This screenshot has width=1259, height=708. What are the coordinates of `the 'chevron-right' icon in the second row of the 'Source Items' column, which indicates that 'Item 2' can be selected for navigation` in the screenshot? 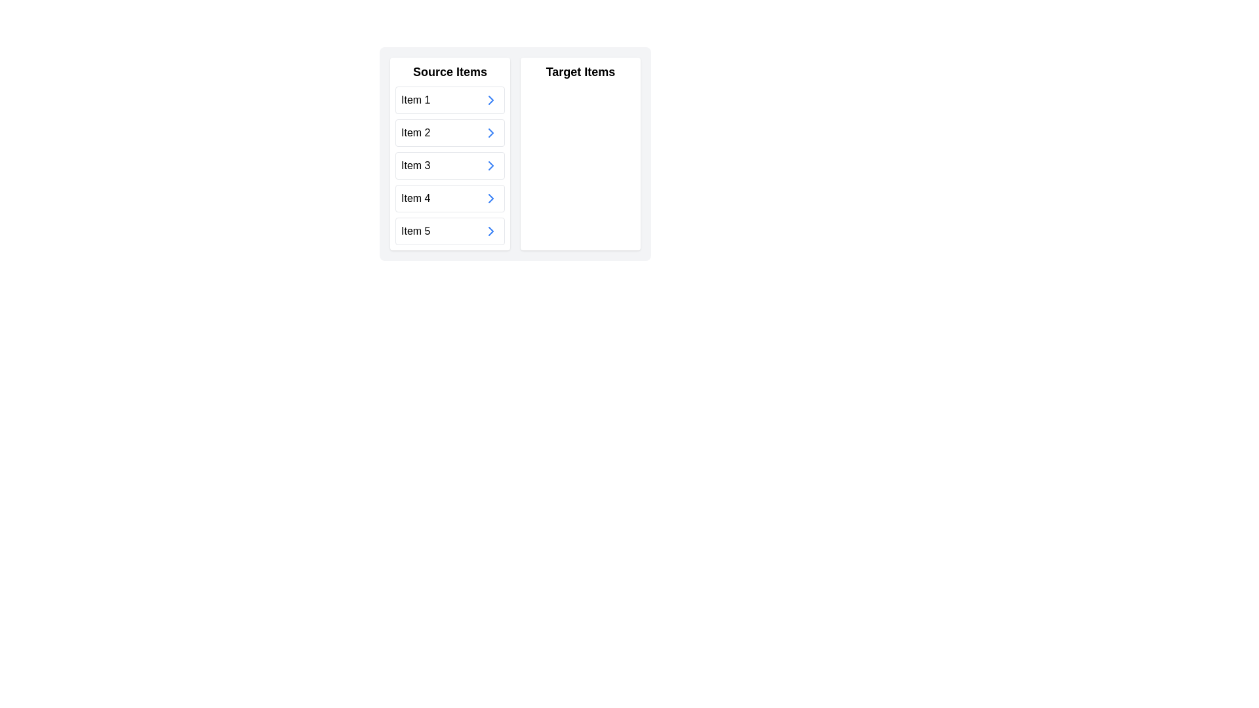 It's located at (490, 133).